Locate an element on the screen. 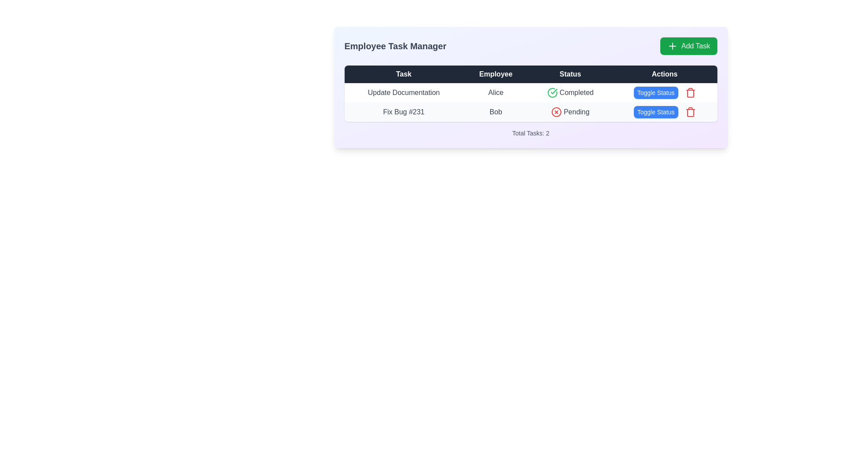 This screenshot has width=844, height=475. the Text label containing the text 'Bob' in the 'Employee' column of the table, which is the second entry in that column, positioned below the row containing 'Alice' is located at coordinates (496, 111).